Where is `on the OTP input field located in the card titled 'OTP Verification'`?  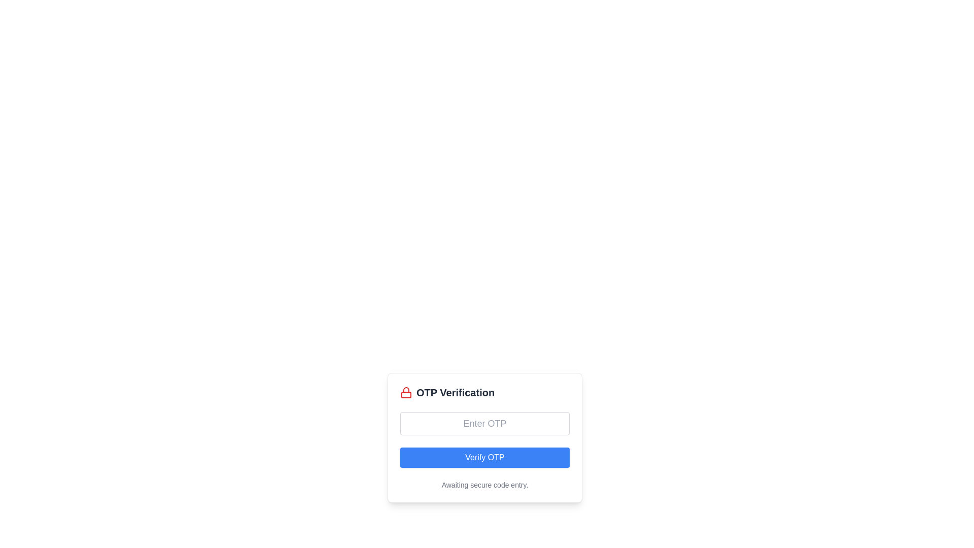 on the OTP input field located in the card titled 'OTP Verification' is located at coordinates (484, 423).